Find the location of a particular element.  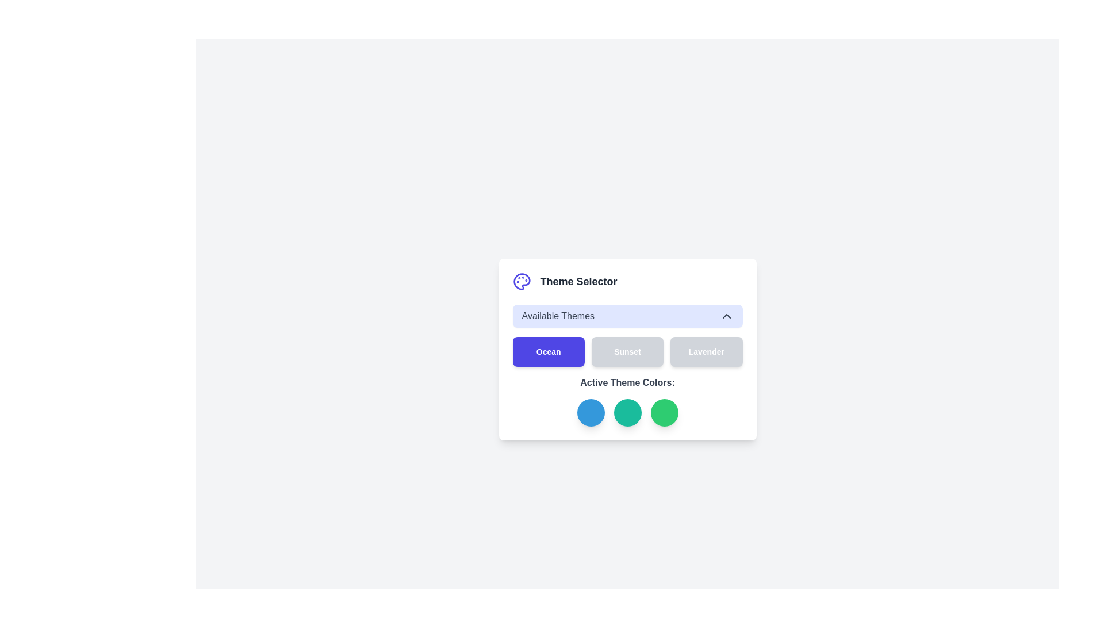

the leftmost button under the 'Available Themes' dropdown is located at coordinates (548, 351).